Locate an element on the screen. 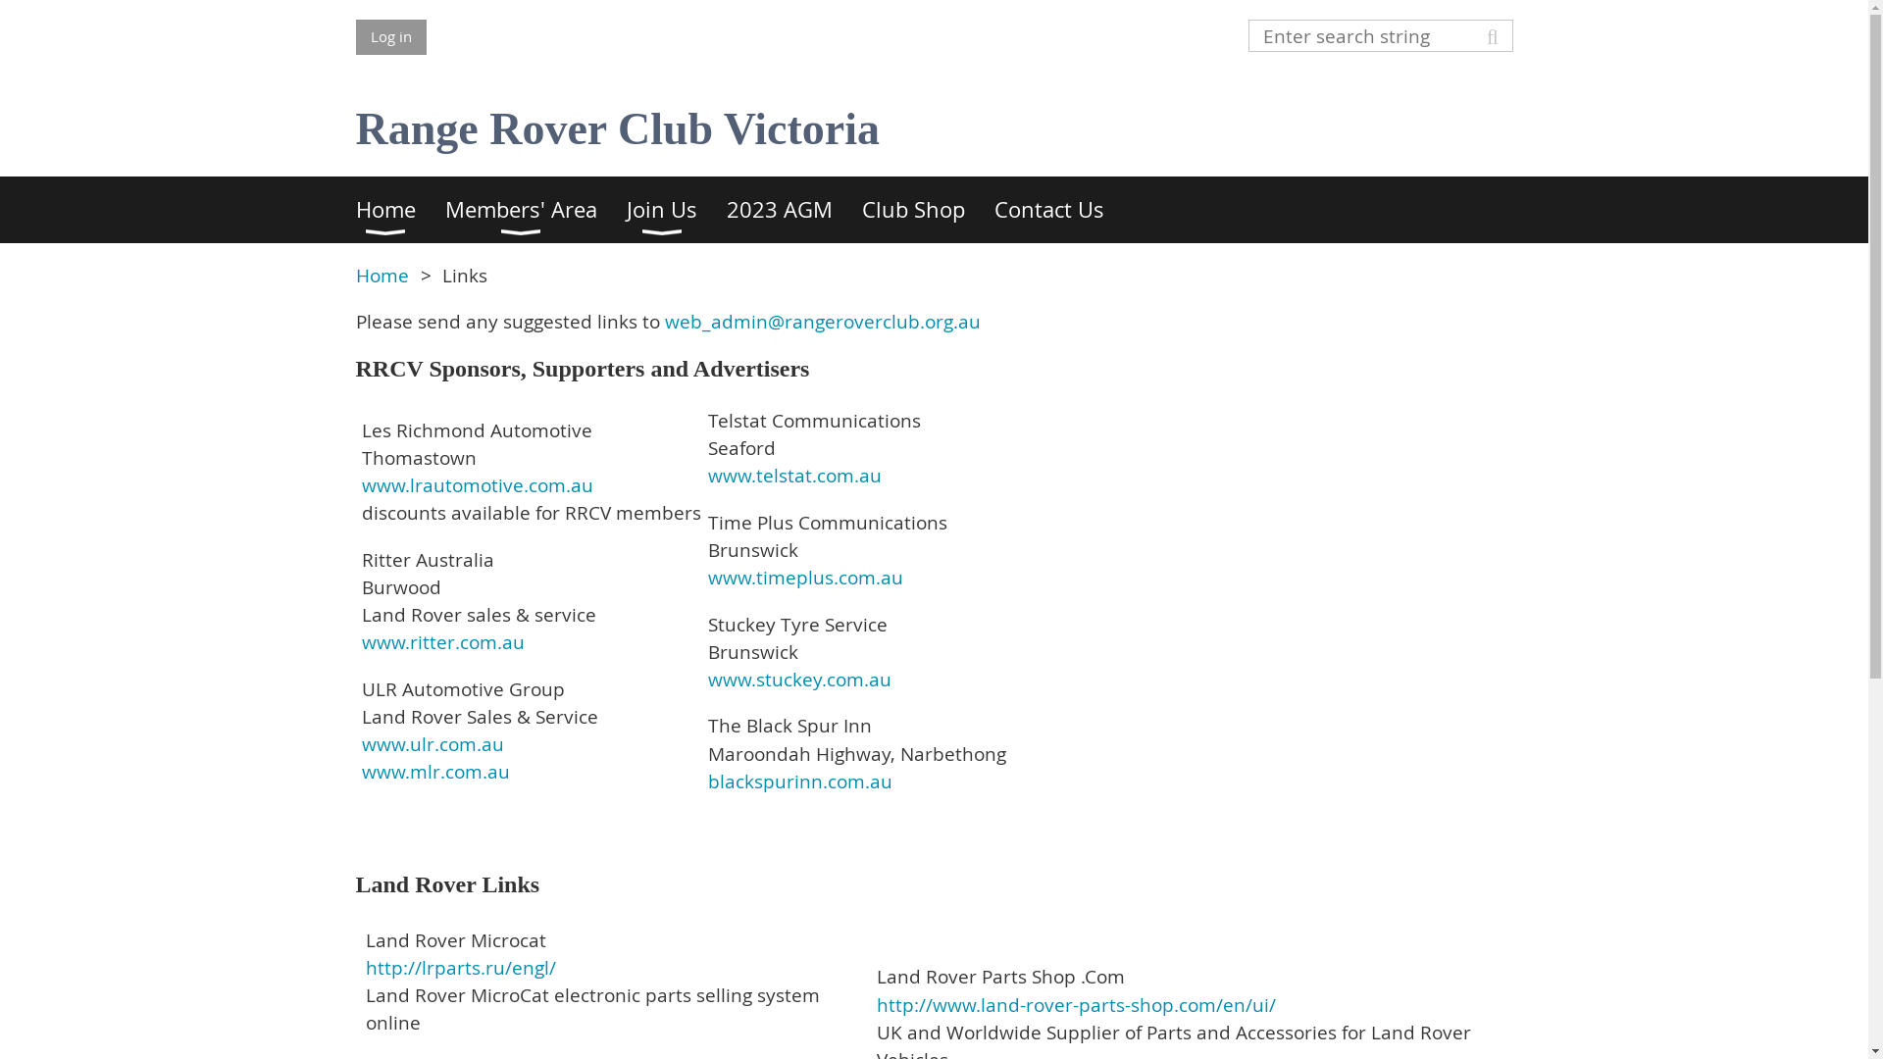 Image resolution: width=1883 pixels, height=1059 pixels. 'www.telstat.com.au' is located at coordinates (794, 476).